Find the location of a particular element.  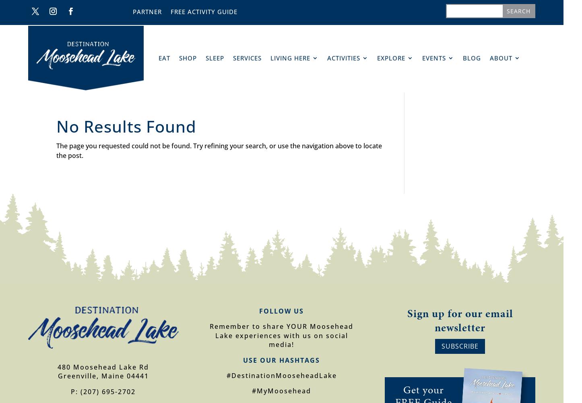

'Employment Opportunities' is located at coordinates (527, 123).